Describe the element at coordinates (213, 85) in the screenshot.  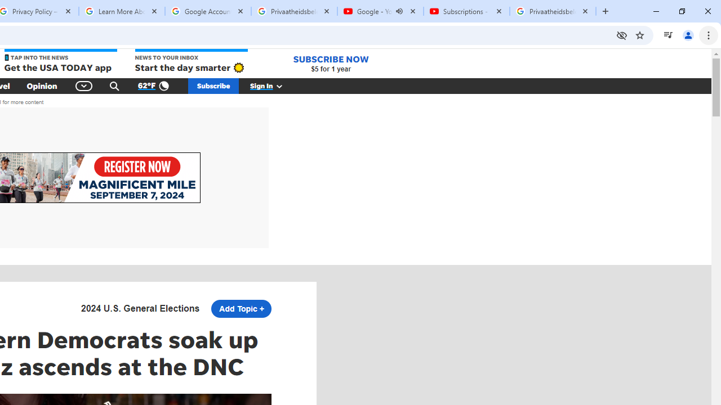
I see `'Subscribe'` at that location.